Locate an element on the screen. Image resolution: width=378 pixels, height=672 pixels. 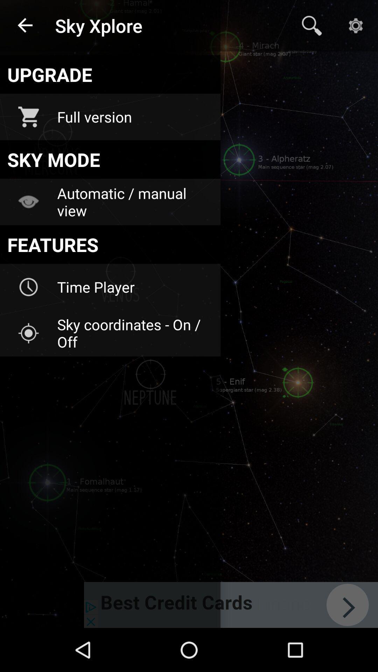
the sky coordinates on icon is located at coordinates (134, 333).